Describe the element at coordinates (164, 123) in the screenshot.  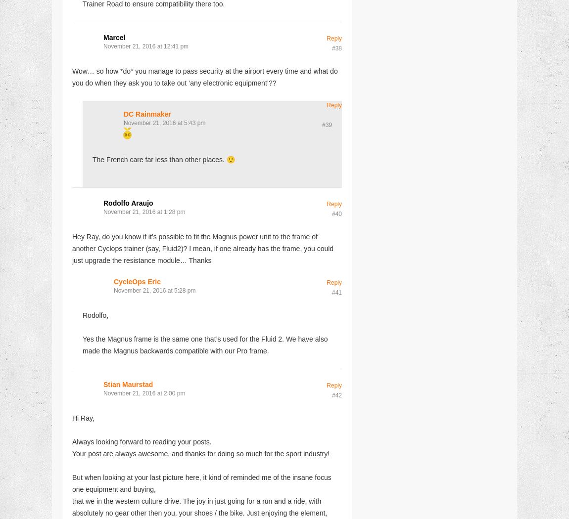
I see `'November 21, 2016 at 5:43 pm'` at that location.